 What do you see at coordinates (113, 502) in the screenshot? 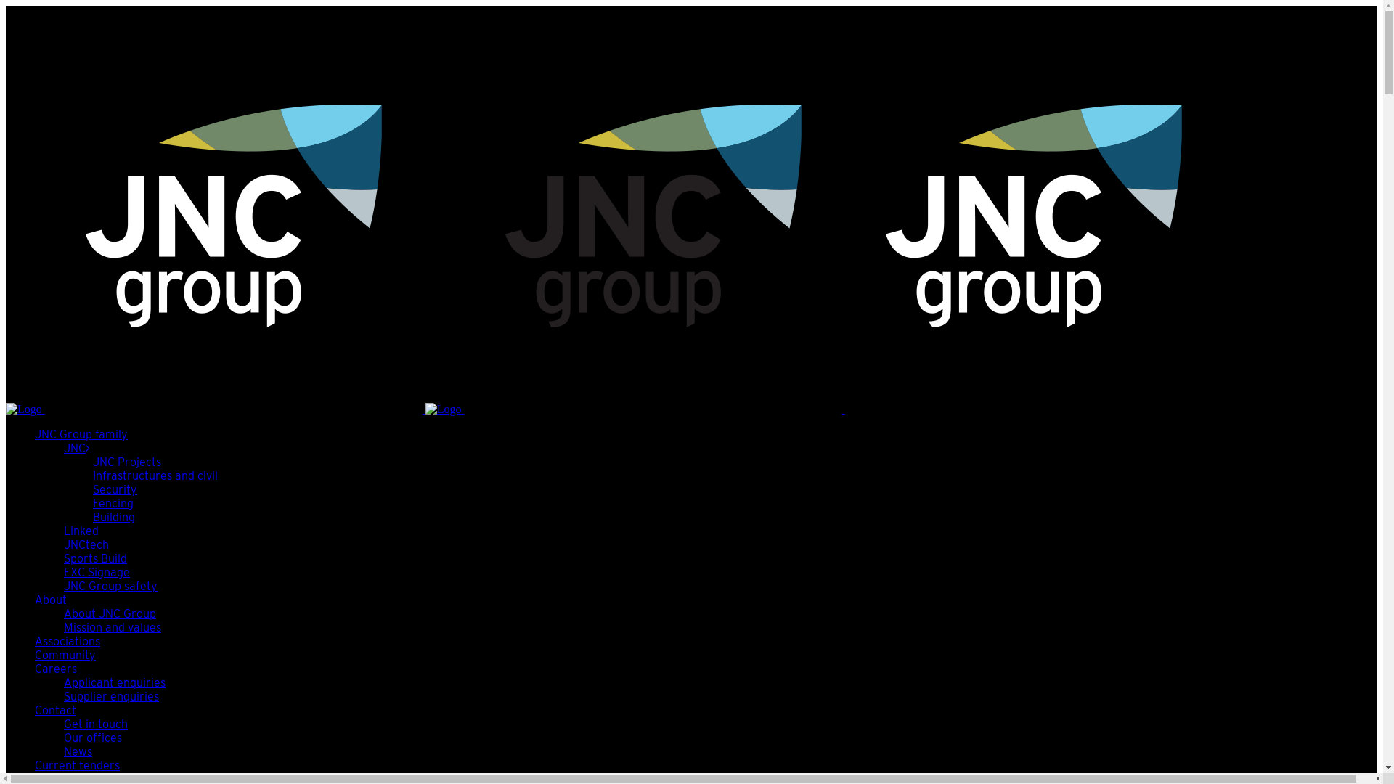
I see `'Fencing'` at bounding box center [113, 502].